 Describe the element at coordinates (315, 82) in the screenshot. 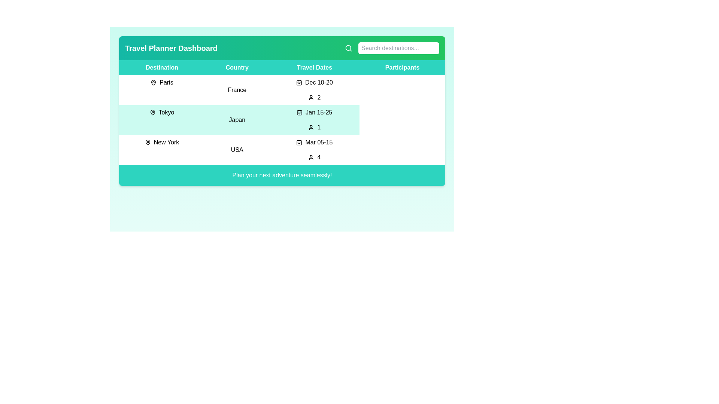

I see `travel dates text for the destination 'Paris' which displays the date range 'Dec 10-20' located in the third column of the first row under the header 'Travel Dates'` at that location.